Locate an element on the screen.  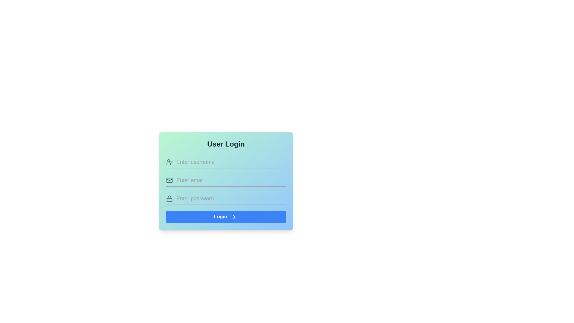
the rectangle that serves as the base of the lock illustration, located to the left of the 'Enter password' input field is located at coordinates (169, 200).